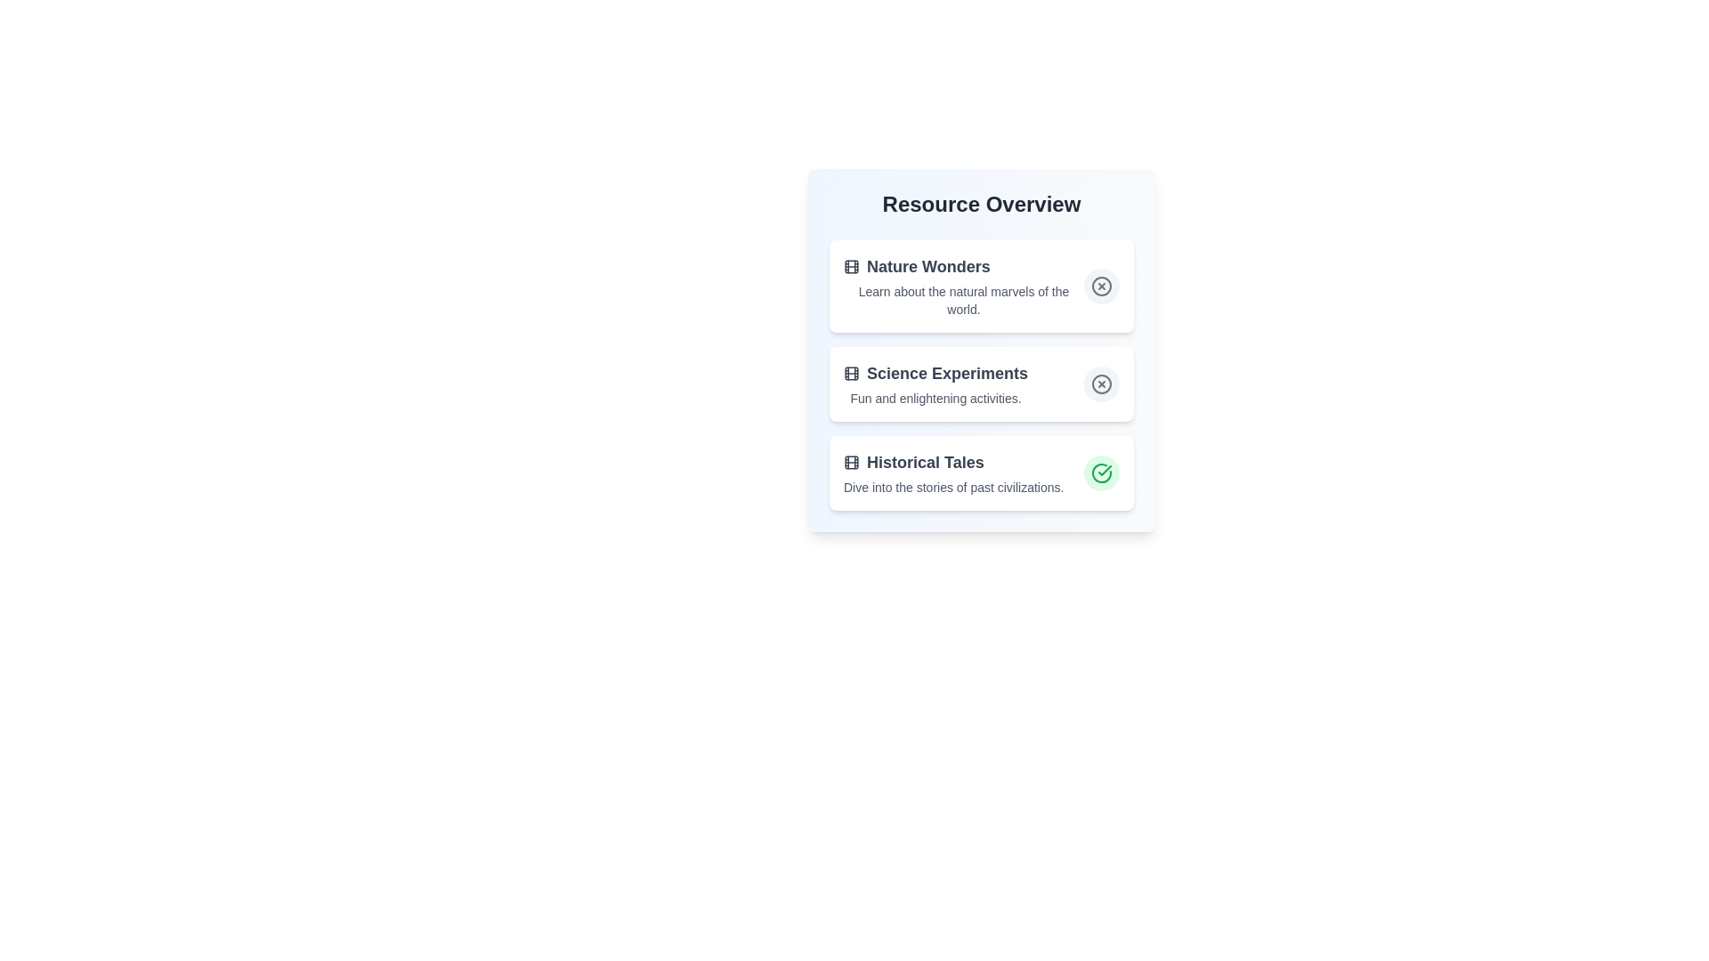  Describe the element at coordinates (935, 384) in the screenshot. I see `the description of the resource item titled Science Experiments` at that location.